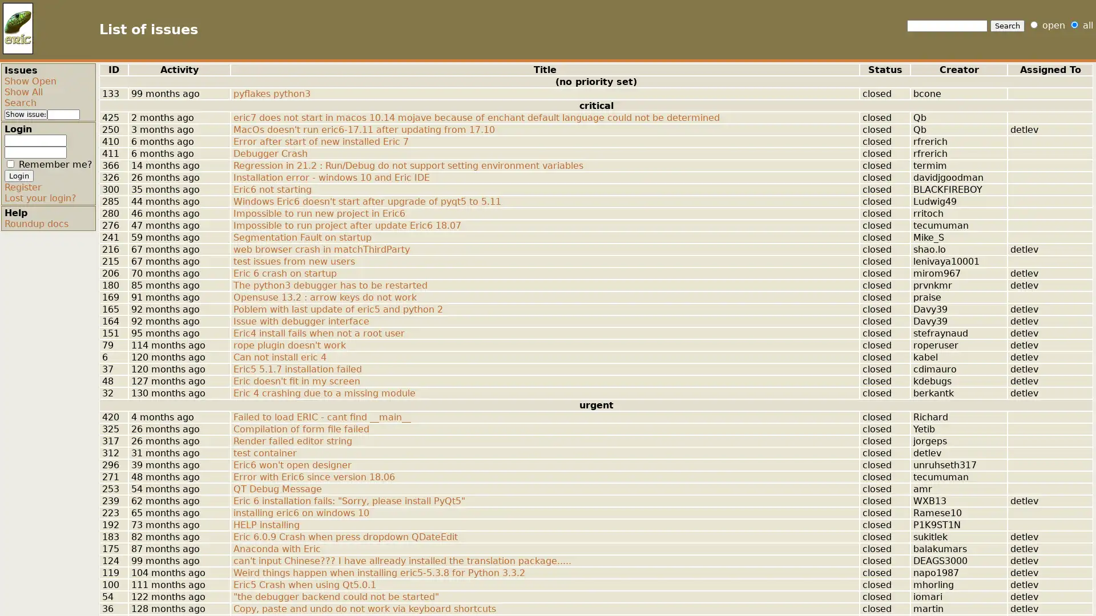  Describe the element at coordinates (19, 176) in the screenshot. I see `Login` at that location.